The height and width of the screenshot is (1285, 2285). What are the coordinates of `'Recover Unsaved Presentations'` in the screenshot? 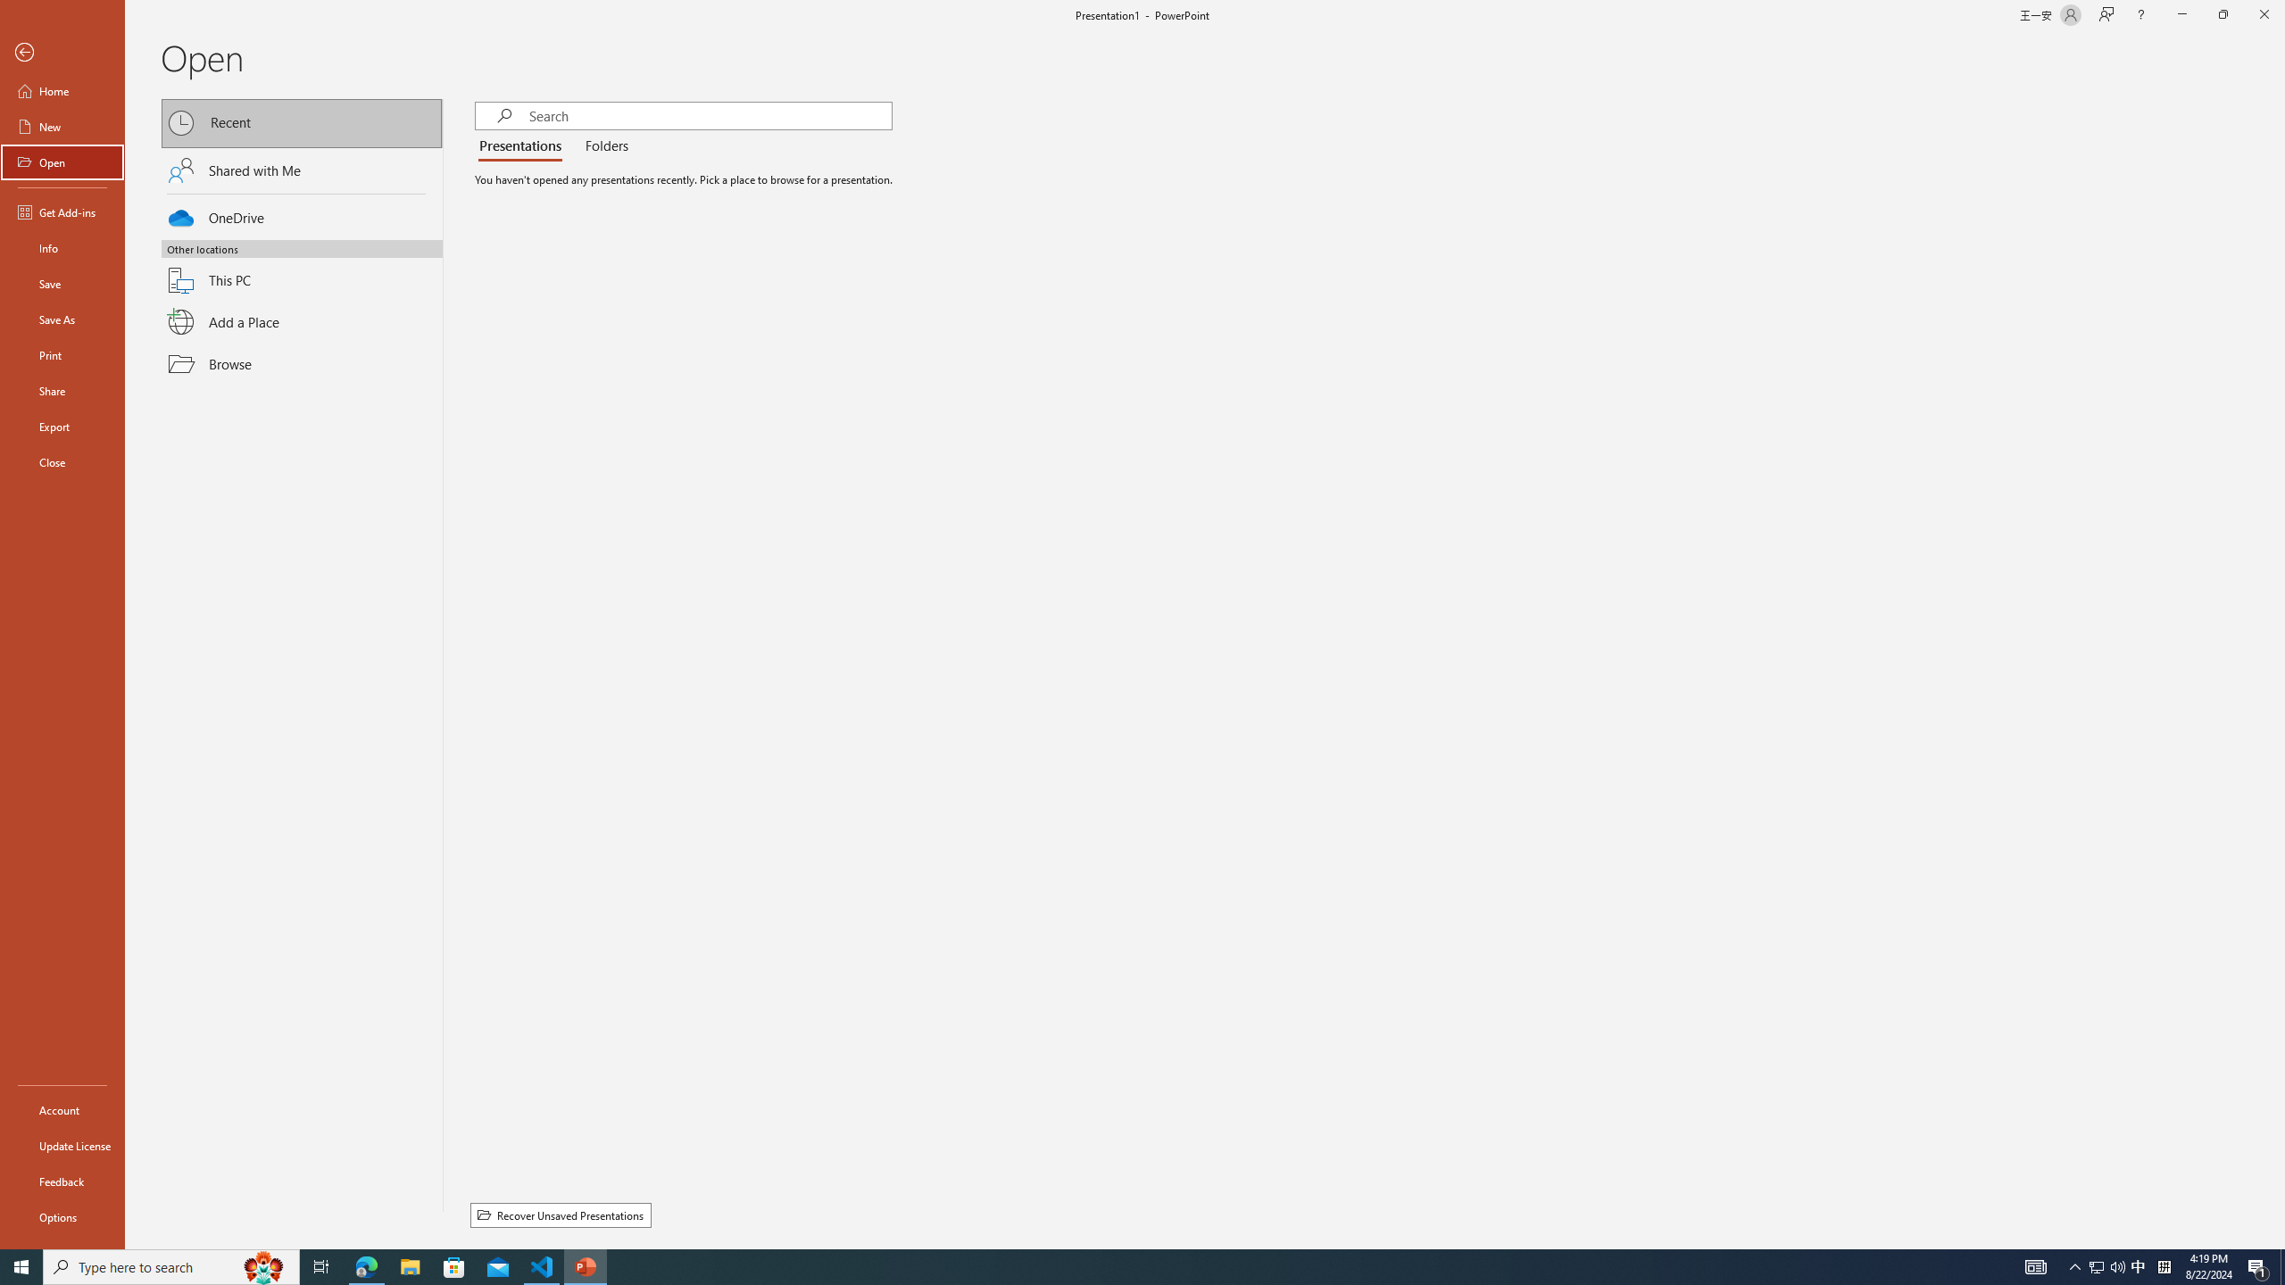 It's located at (560, 1215).